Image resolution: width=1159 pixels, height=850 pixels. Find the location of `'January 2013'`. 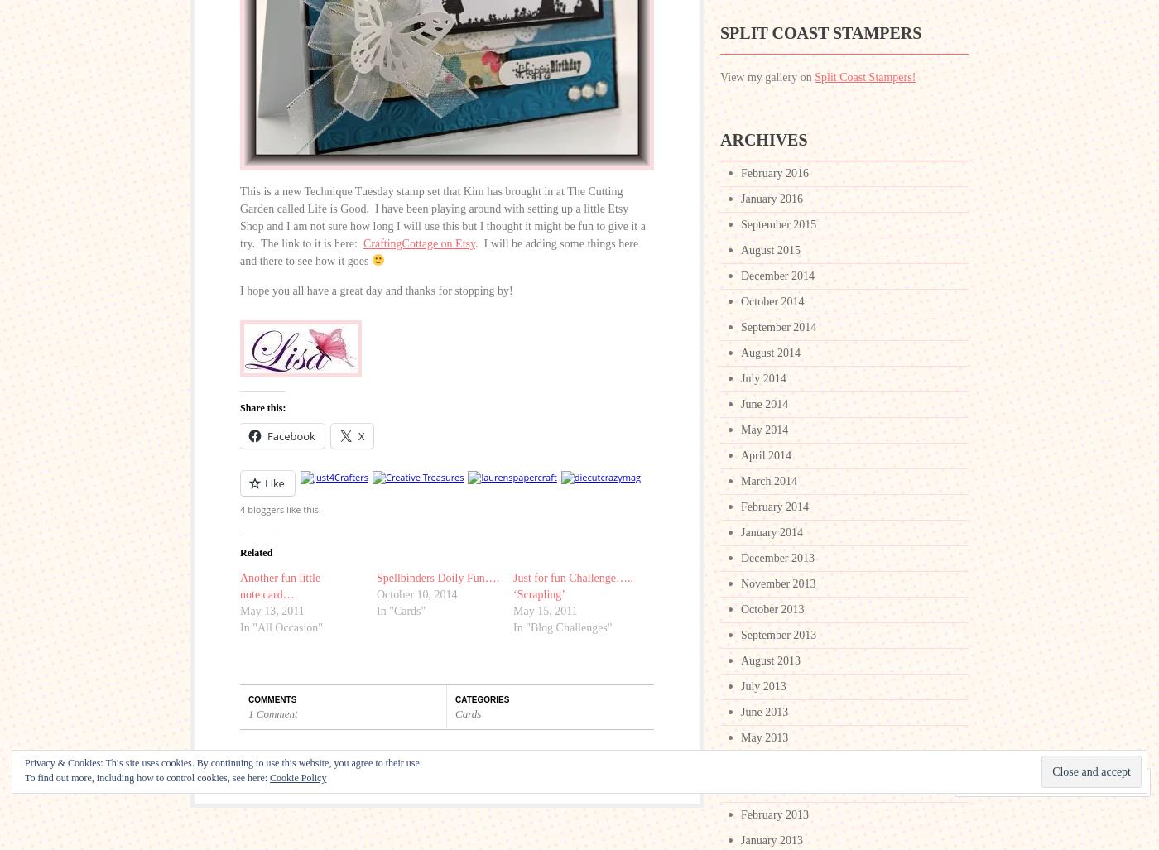

'January 2013' is located at coordinates (740, 839).